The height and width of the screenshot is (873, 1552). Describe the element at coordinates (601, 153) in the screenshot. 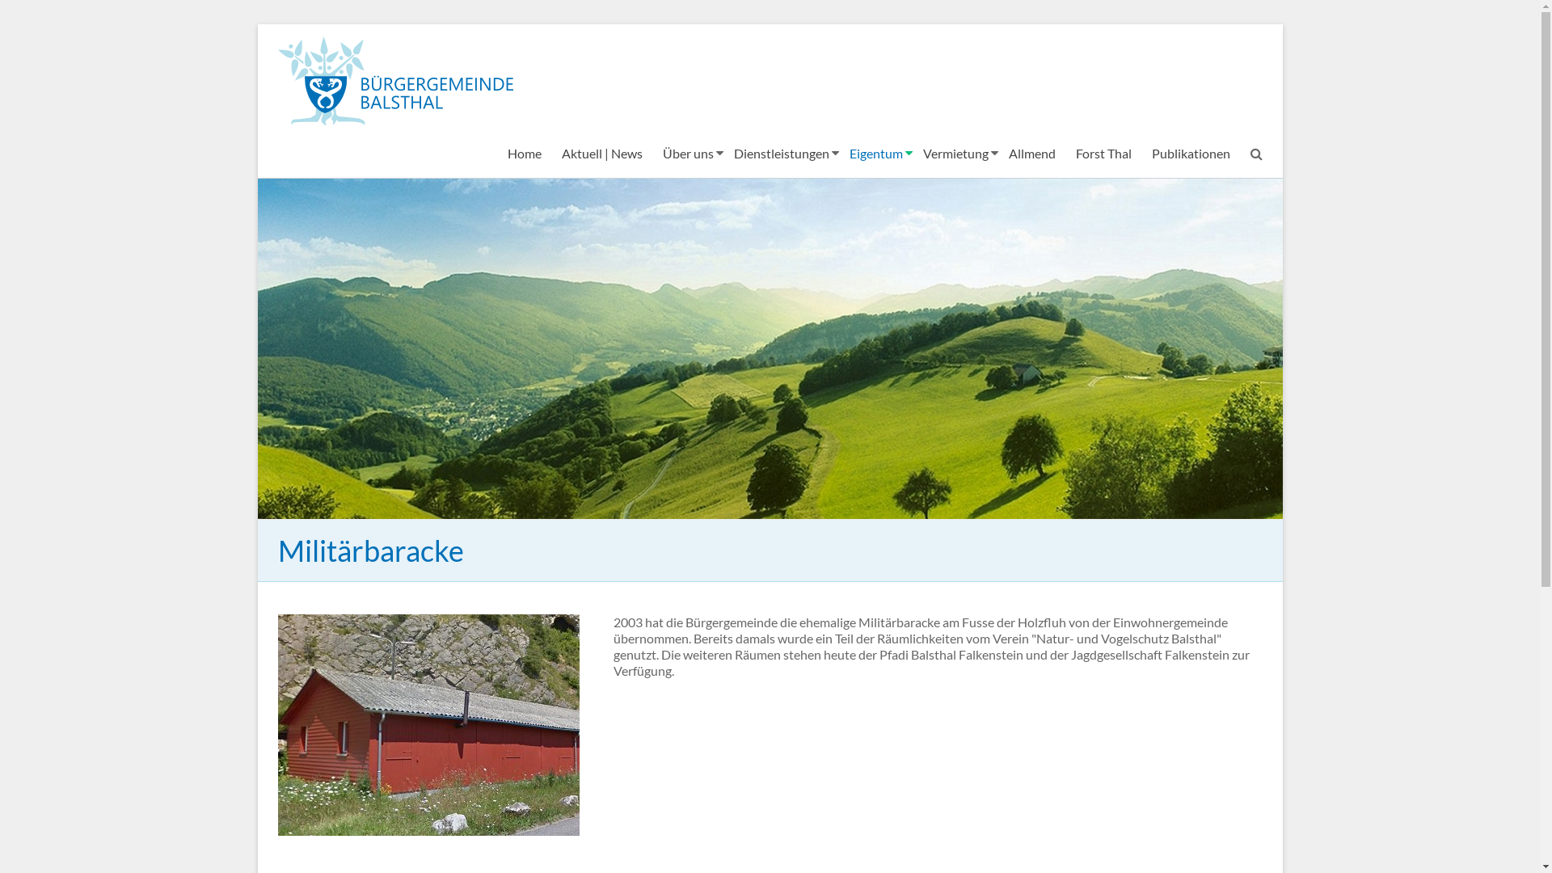

I see `'Aktuell | News'` at that location.